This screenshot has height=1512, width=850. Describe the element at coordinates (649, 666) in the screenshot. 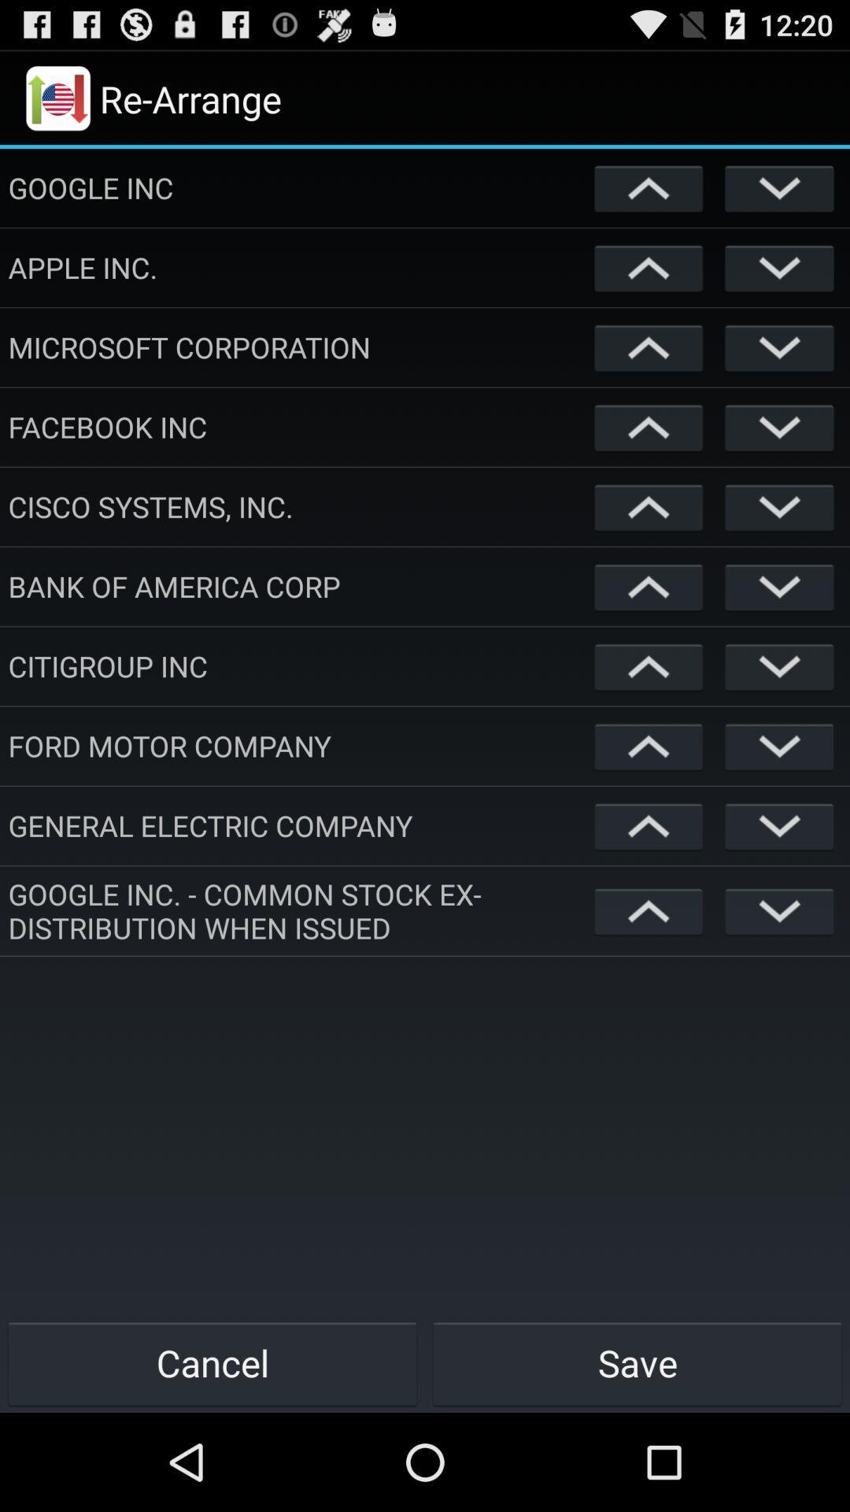

I see `previous` at that location.